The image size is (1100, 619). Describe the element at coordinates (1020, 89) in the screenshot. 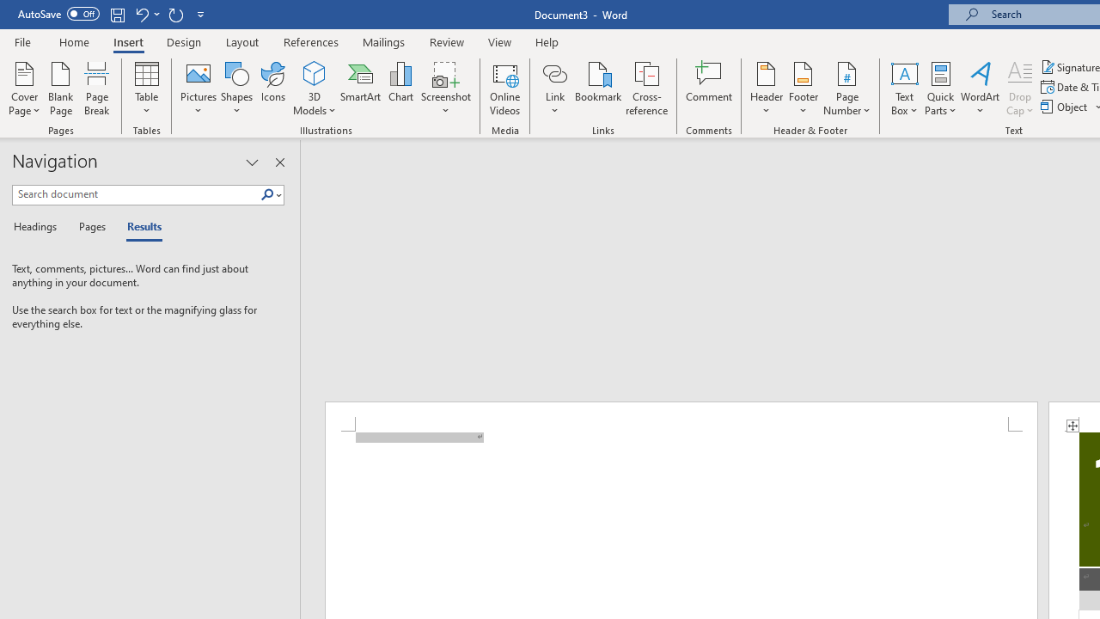

I see `'Drop Cap'` at that location.